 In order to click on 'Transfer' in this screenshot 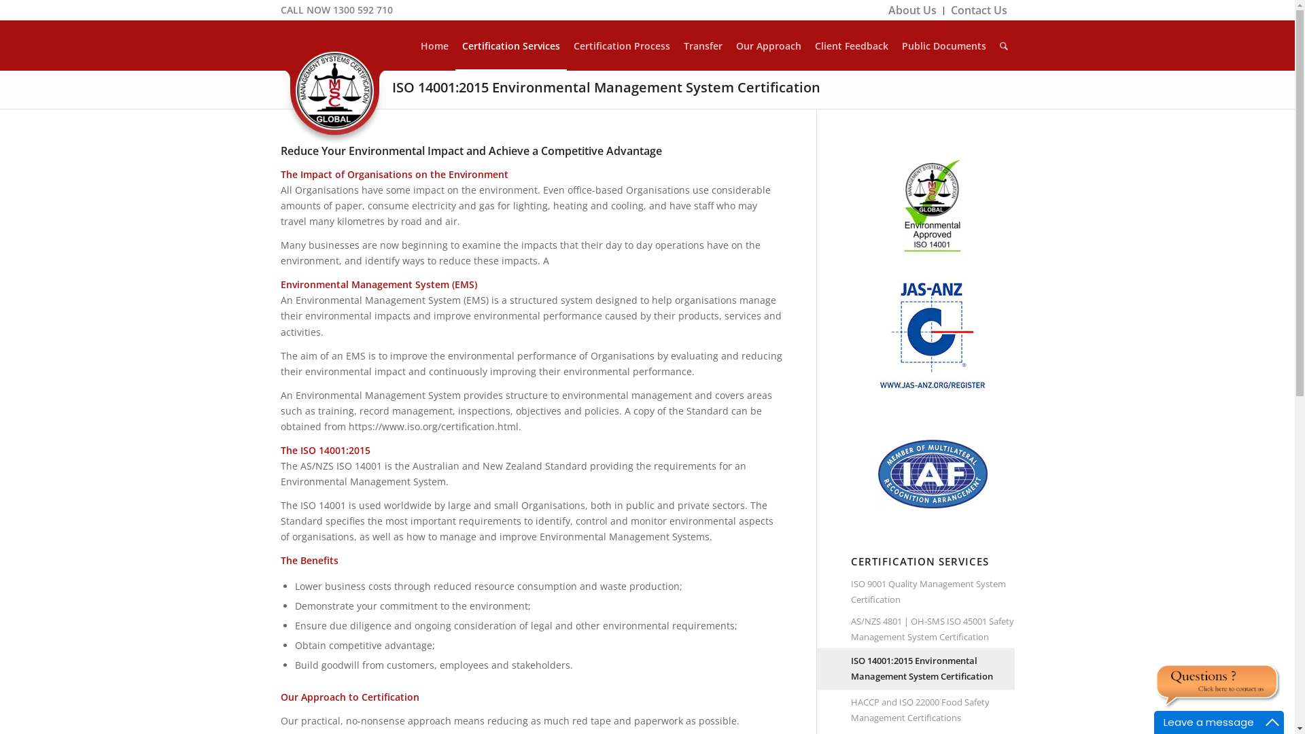, I will do `click(703, 44)`.